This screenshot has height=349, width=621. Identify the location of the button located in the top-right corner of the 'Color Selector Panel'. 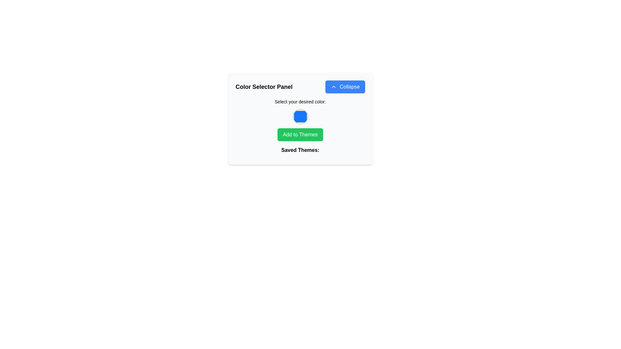
(345, 87).